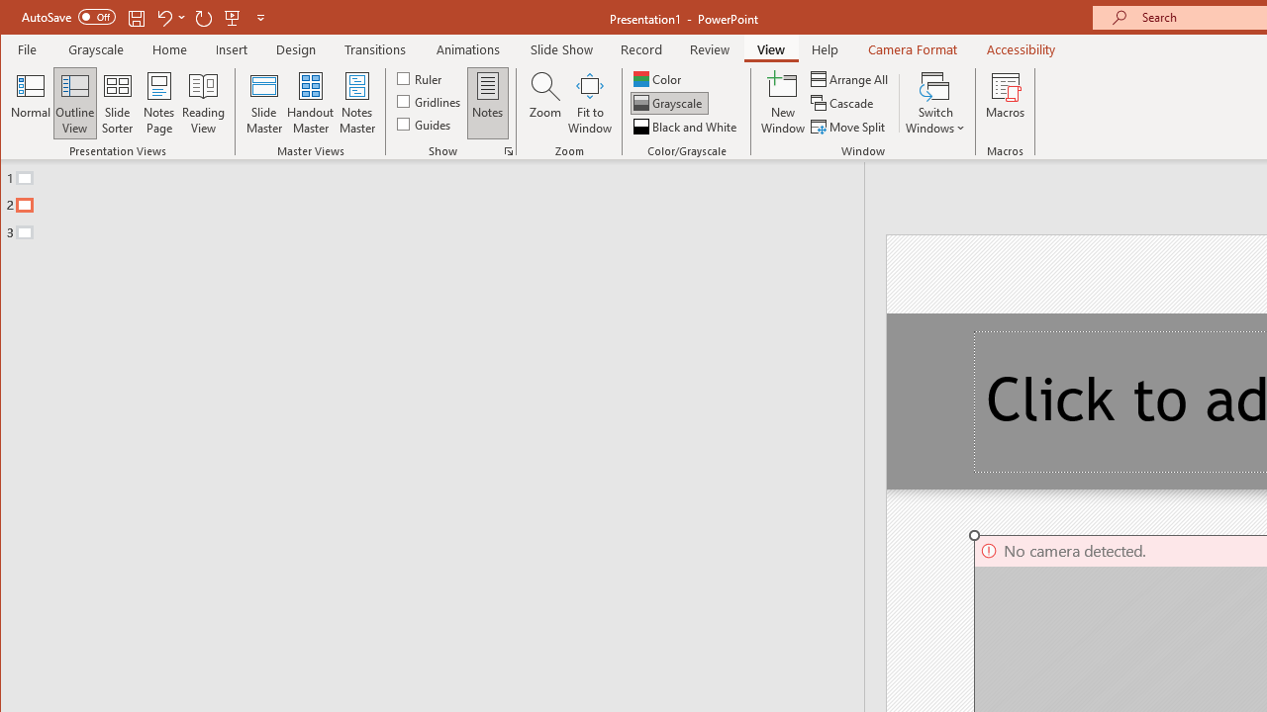 This screenshot has height=712, width=1267. I want to click on 'Move Split', so click(849, 127).